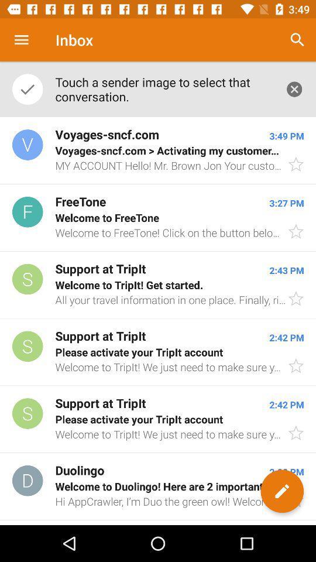  I want to click on the edit icon, so click(281, 491).